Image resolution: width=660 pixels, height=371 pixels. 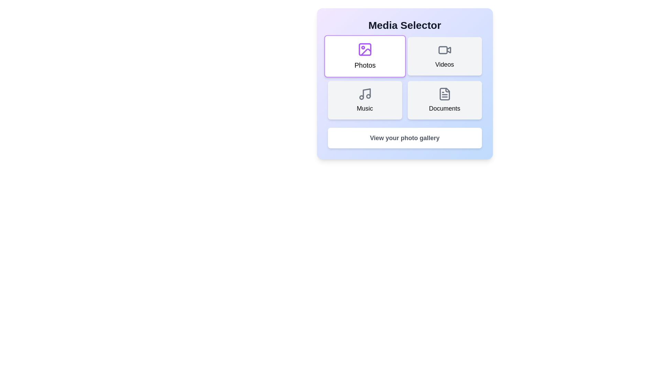 What do you see at coordinates (364, 56) in the screenshot?
I see `the button corresponding to Photos to select it` at bounding box center [364, 56].